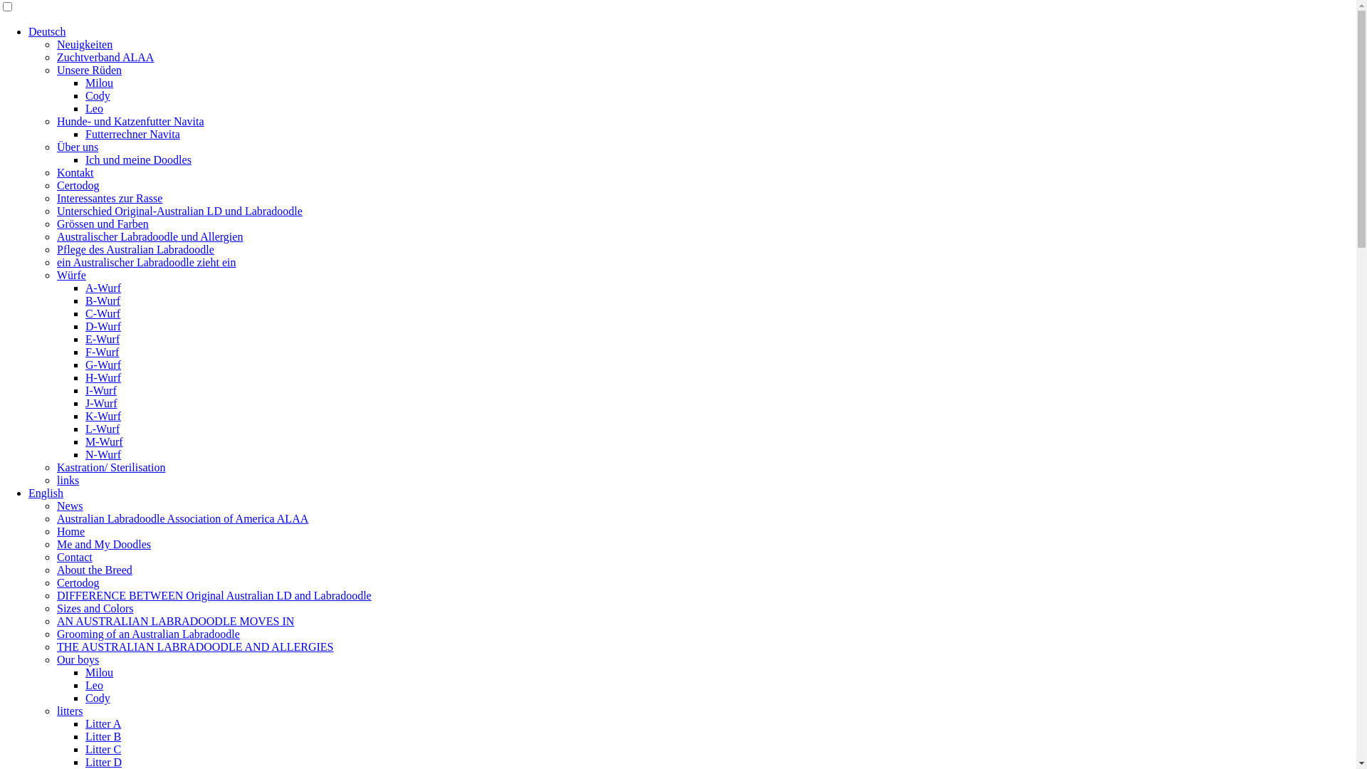 This screenshot has width=1367, height=769. What do you see at coordinates (108, 198) in the screenshot?
I see `'Interessantes zur Rasse'` at bounding box center [108, 198].